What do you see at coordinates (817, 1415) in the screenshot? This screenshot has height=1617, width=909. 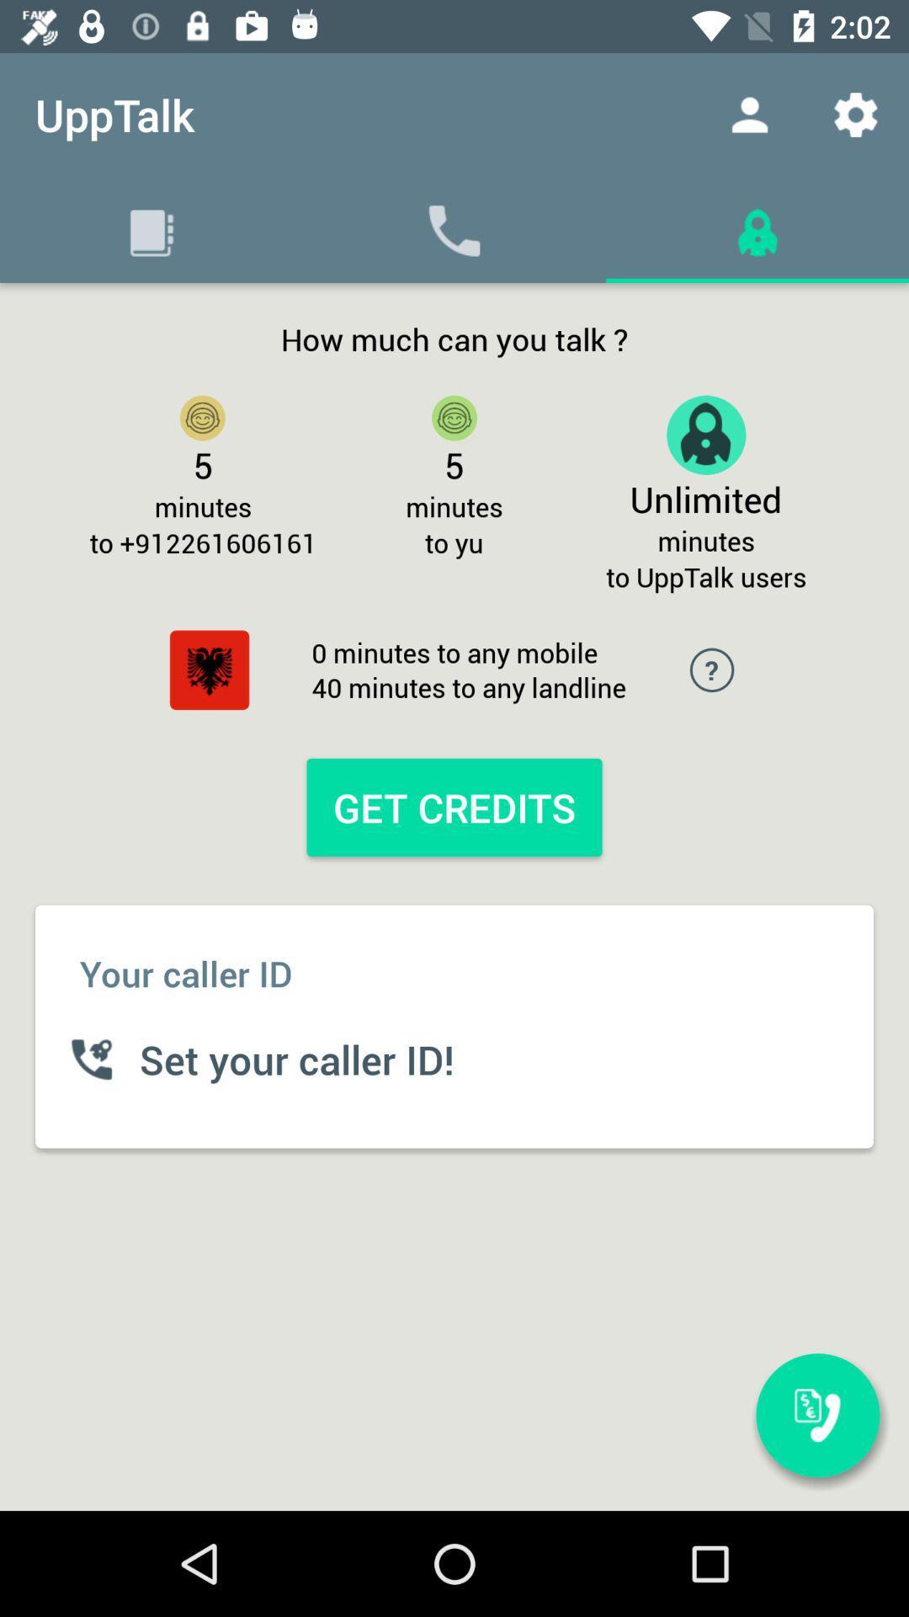 I see `icon at the bottom right corner` at bounding box center [817, 1415].